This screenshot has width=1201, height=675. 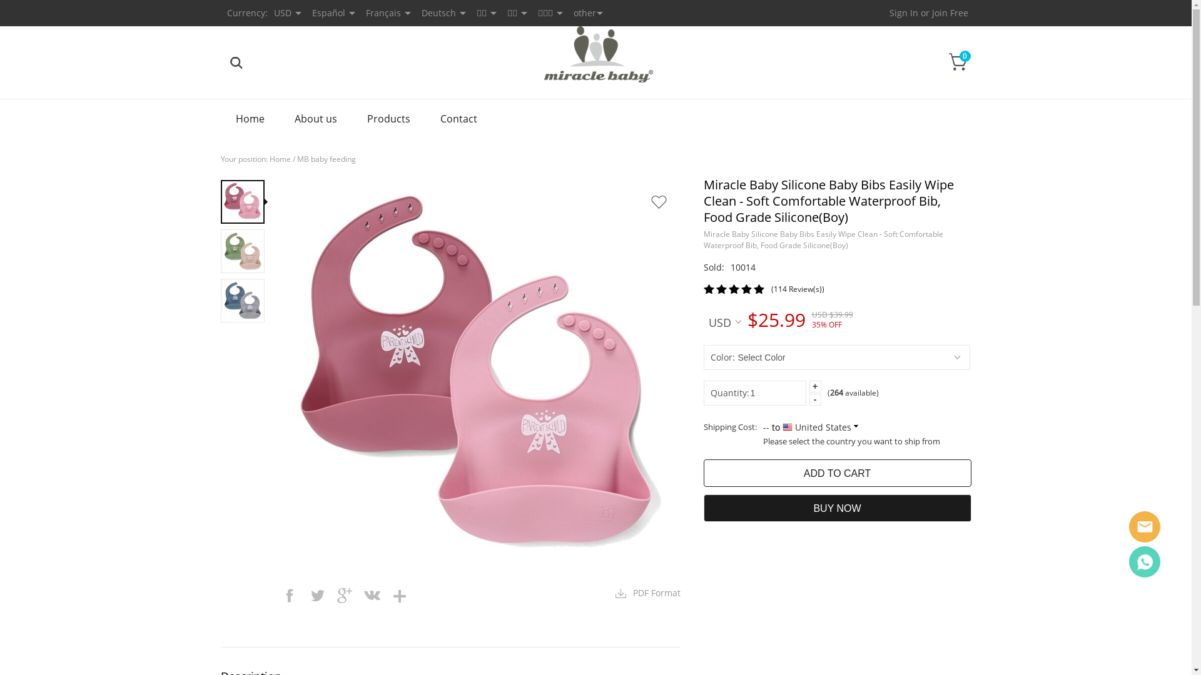 What do you see at coordinates (458, 118) in the screenshot?
I see `'Contact'` at bounding box center [458, 118].